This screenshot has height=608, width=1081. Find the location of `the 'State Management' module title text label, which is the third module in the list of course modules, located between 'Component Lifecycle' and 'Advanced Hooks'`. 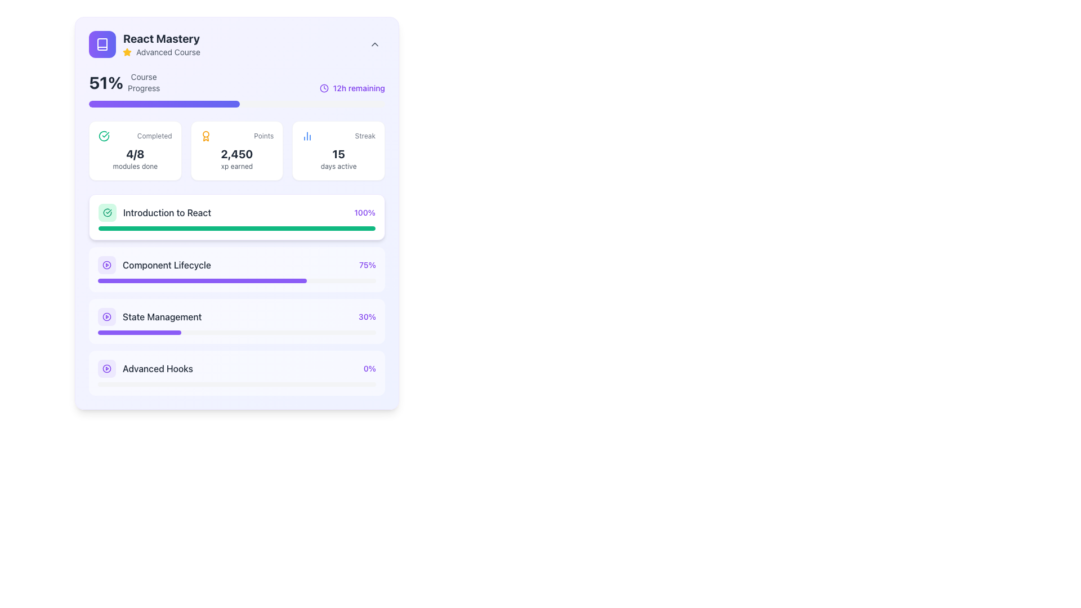

the 'State Management' module title text label, which is the third module in the list of course modules, located between 'Component Lifecycle' and 'Advanced Hooks' is located at coordinates (162, 317).